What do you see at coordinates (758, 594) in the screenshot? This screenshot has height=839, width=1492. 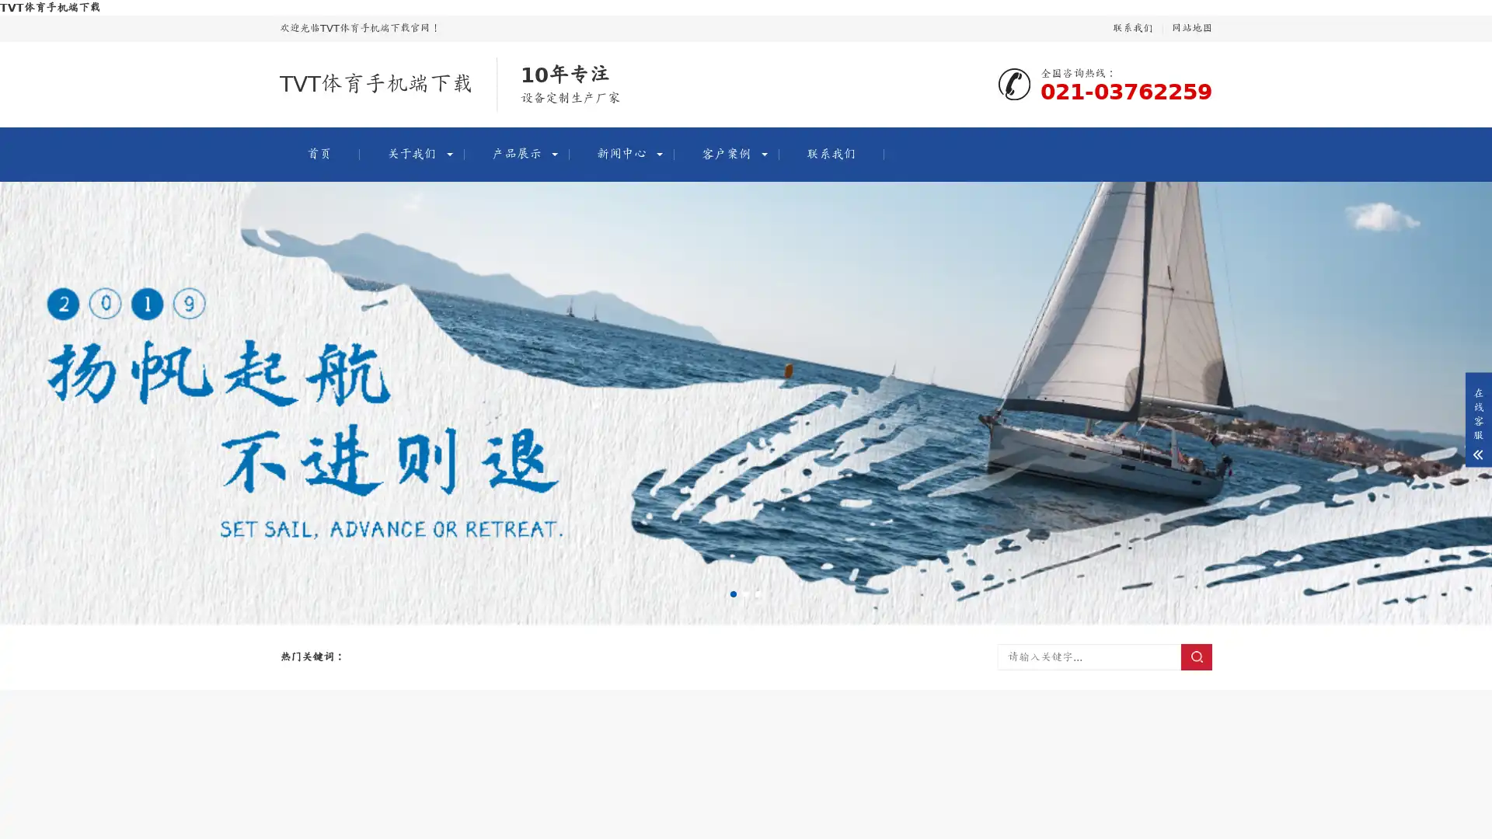 I see `Go to slide 3` at bounding box center [758, 594].